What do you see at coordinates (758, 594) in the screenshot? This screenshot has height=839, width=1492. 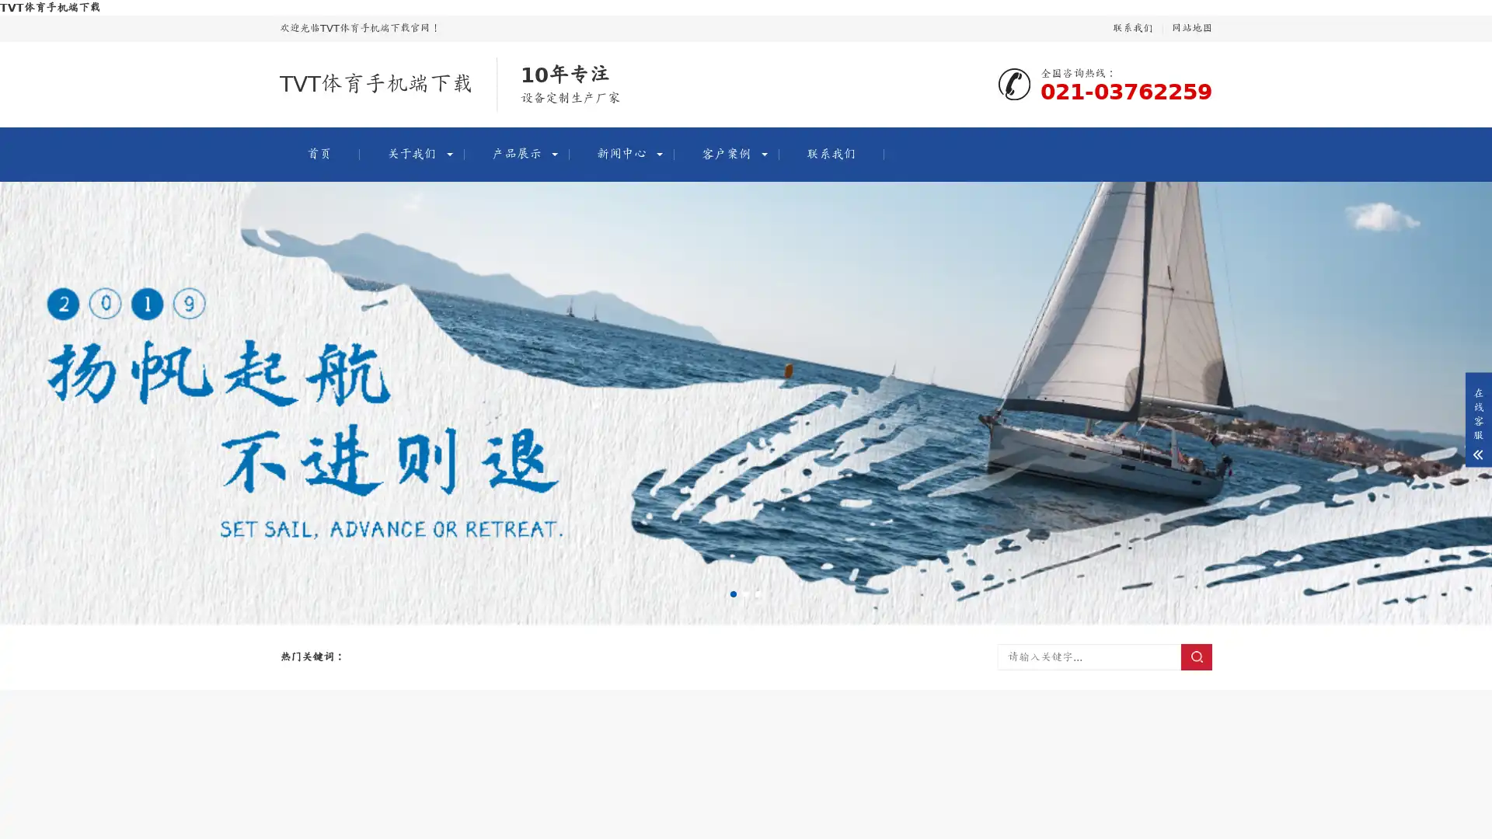 I see `Go to slide 3` at bounding box center [758, 594].